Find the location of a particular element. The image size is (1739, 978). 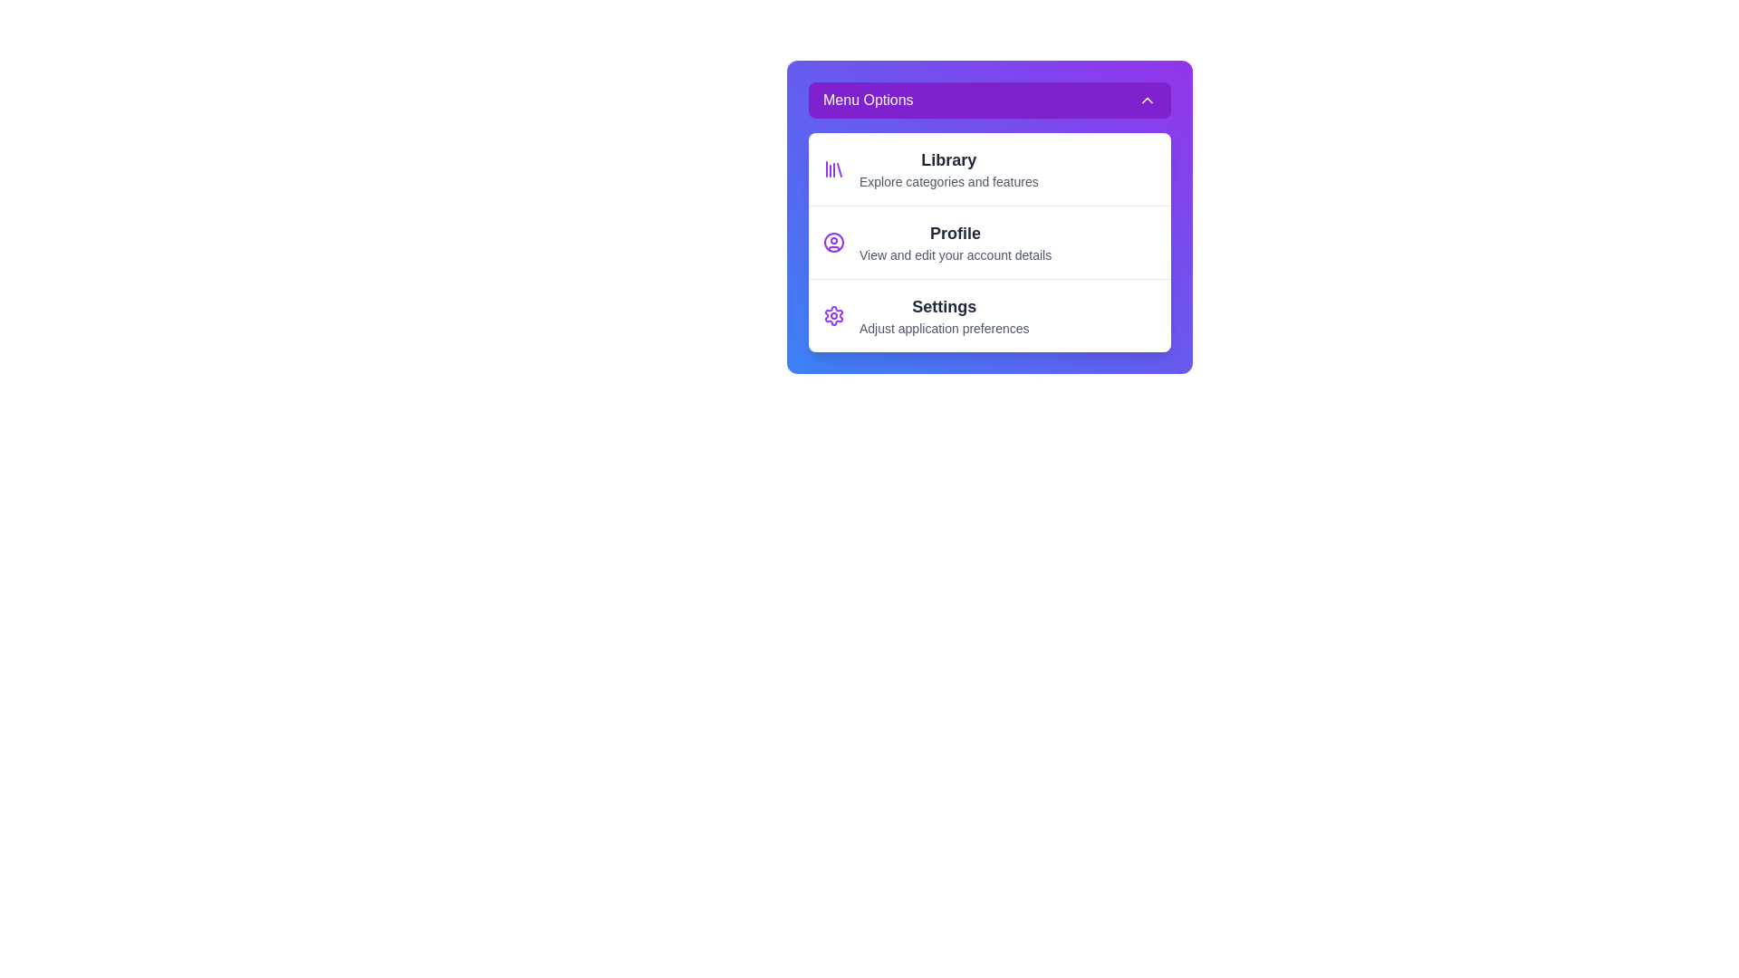

the Label element that reads 'Adjust application preferences', which is positioned below the 'Settings' label in the Settings subsection is located at coordinates (943, 328).